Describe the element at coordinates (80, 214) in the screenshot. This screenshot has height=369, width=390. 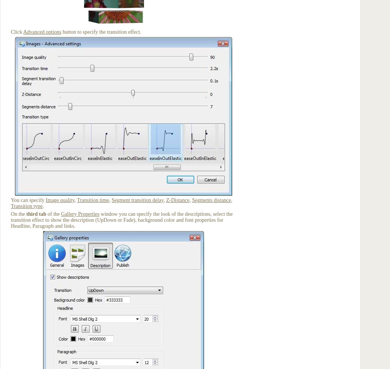
I see `'Gallery Properties'` at that location.